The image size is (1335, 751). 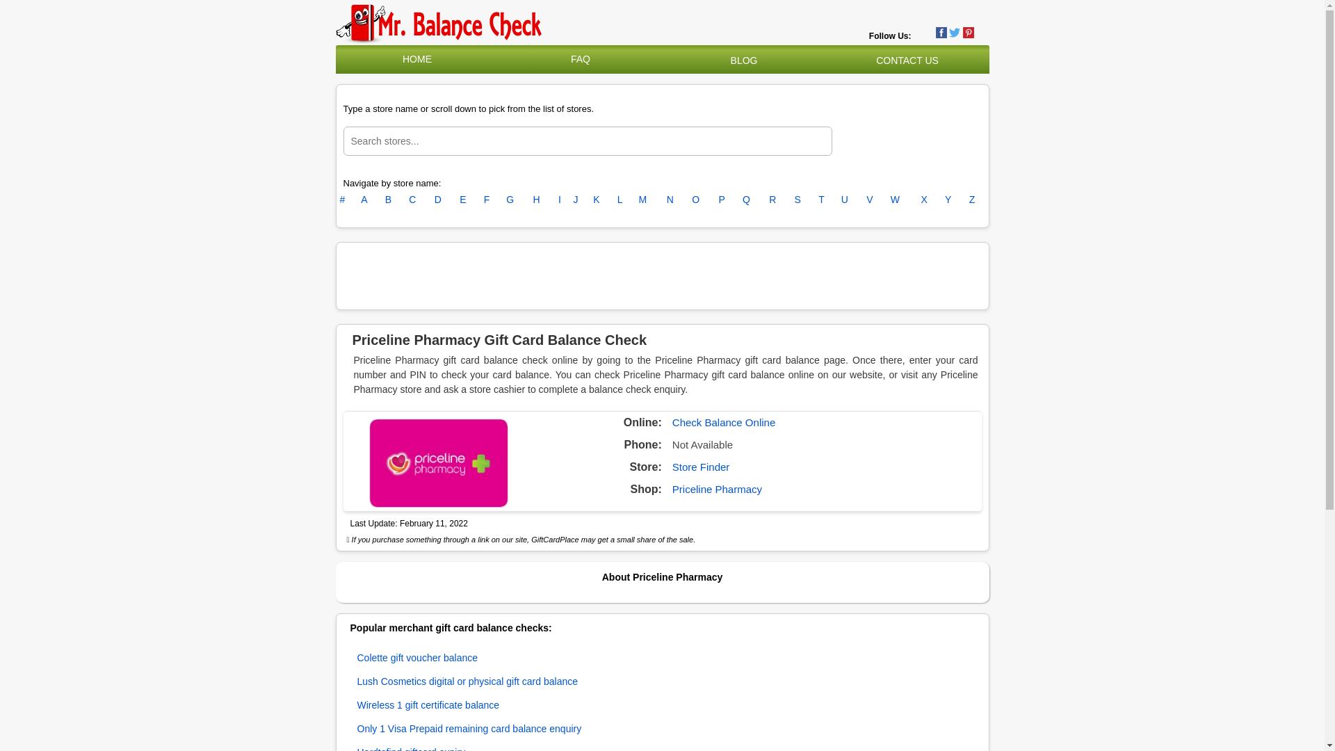 What do you see at coordinates (360, 199) in the screenshot?
I see `'A'` at bounding box center [360, 199].